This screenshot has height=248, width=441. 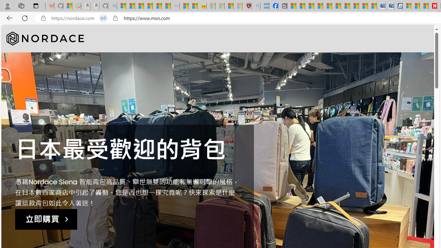 I want to click on 'Climate Damage Becomes Too Severe To Reverse', so click(x=318, y=6).